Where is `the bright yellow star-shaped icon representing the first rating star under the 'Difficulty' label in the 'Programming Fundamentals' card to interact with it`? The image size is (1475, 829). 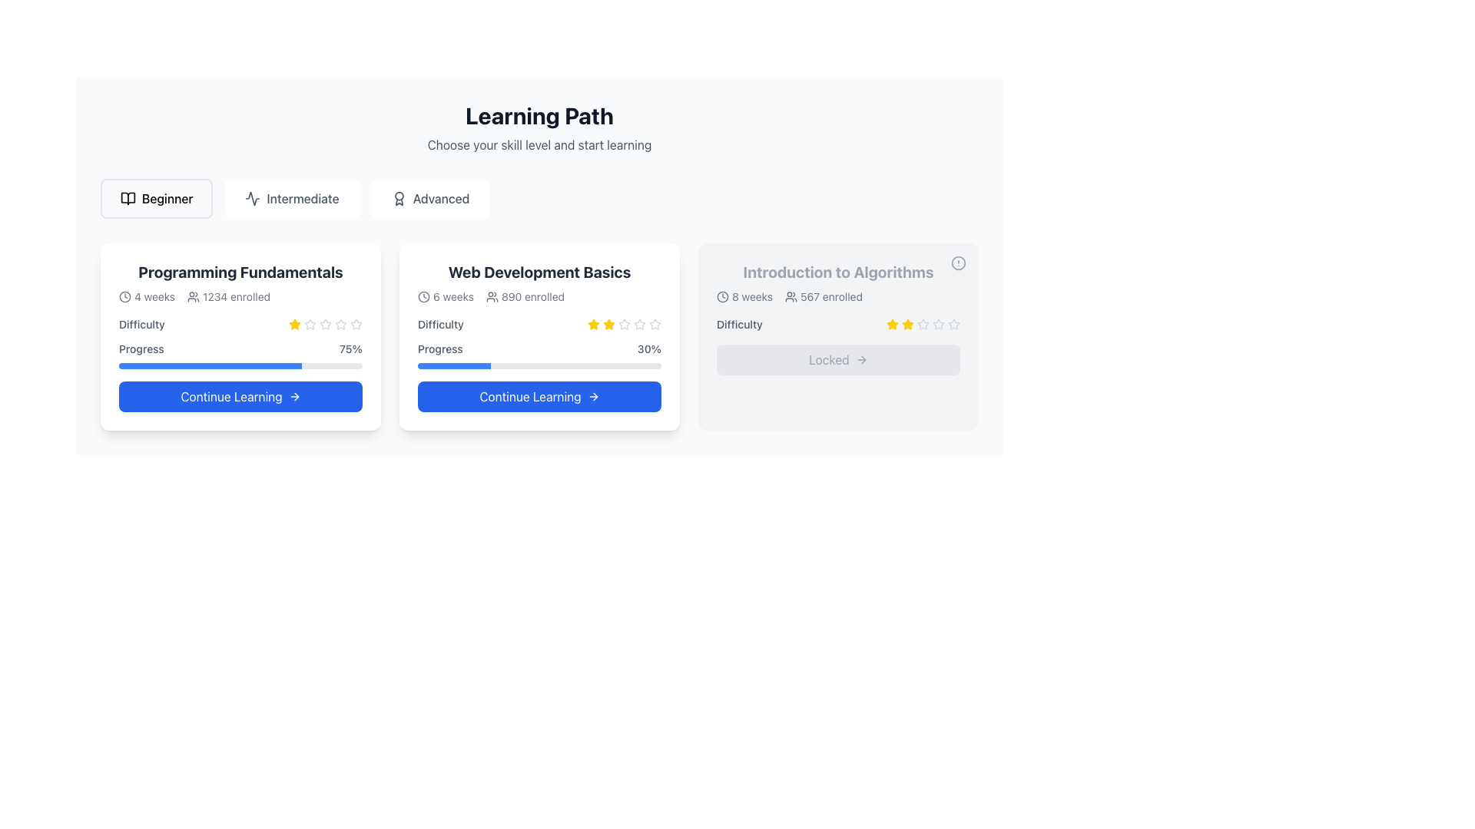 the bright yellow star-shaped icon representing the first rating star under the 'Difficulty' label in the 'Programming Fundamentals' card to interact with it is located at coordinates (295, 323).